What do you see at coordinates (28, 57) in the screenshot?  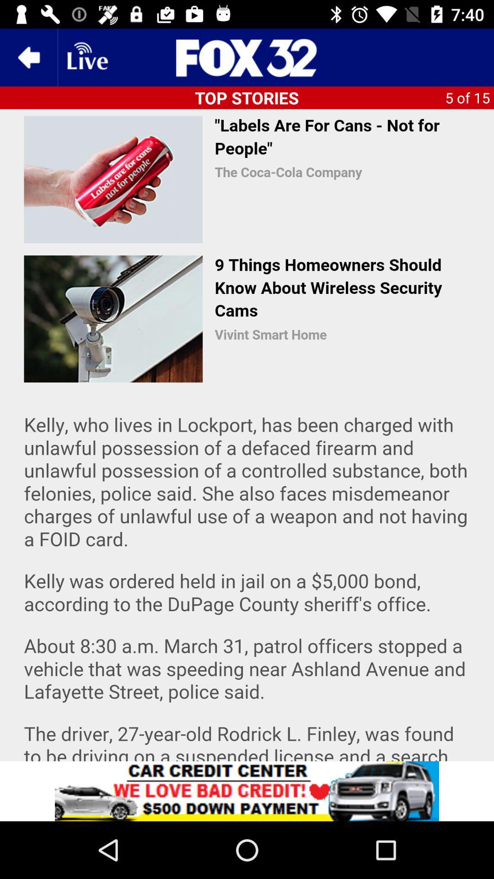 I see `go back` at bounding box center [28, 57].